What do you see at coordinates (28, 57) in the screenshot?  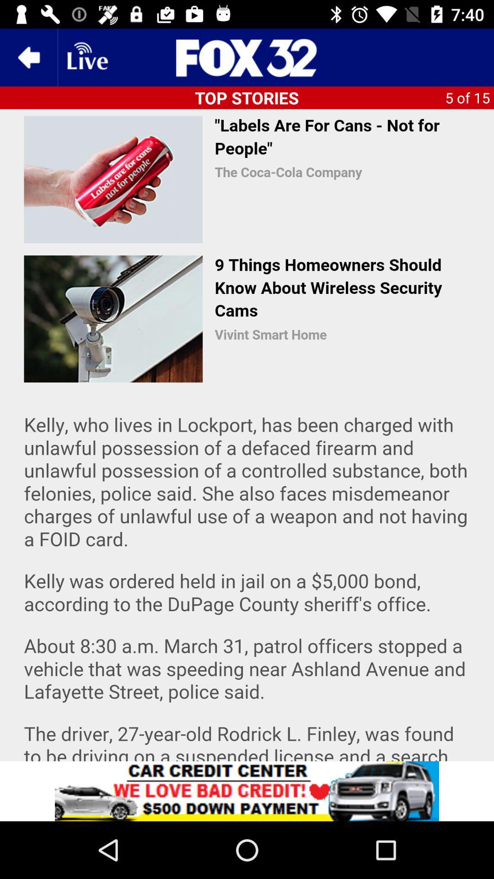 I see `go back` at bounding box center [28, 57].